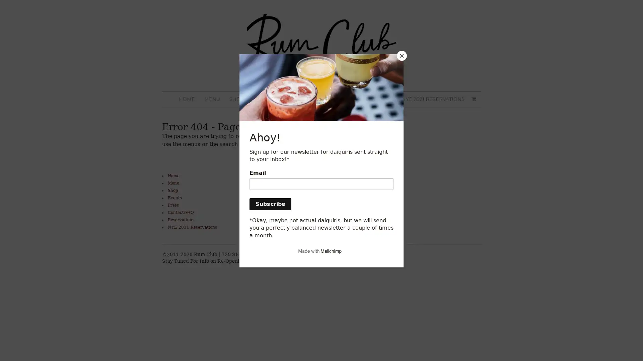 This screenshot has height=361, width=643. What do you see at coordinates (257, 222) in the screenshot?
I see `Submit` at bounding box center [257, 222].